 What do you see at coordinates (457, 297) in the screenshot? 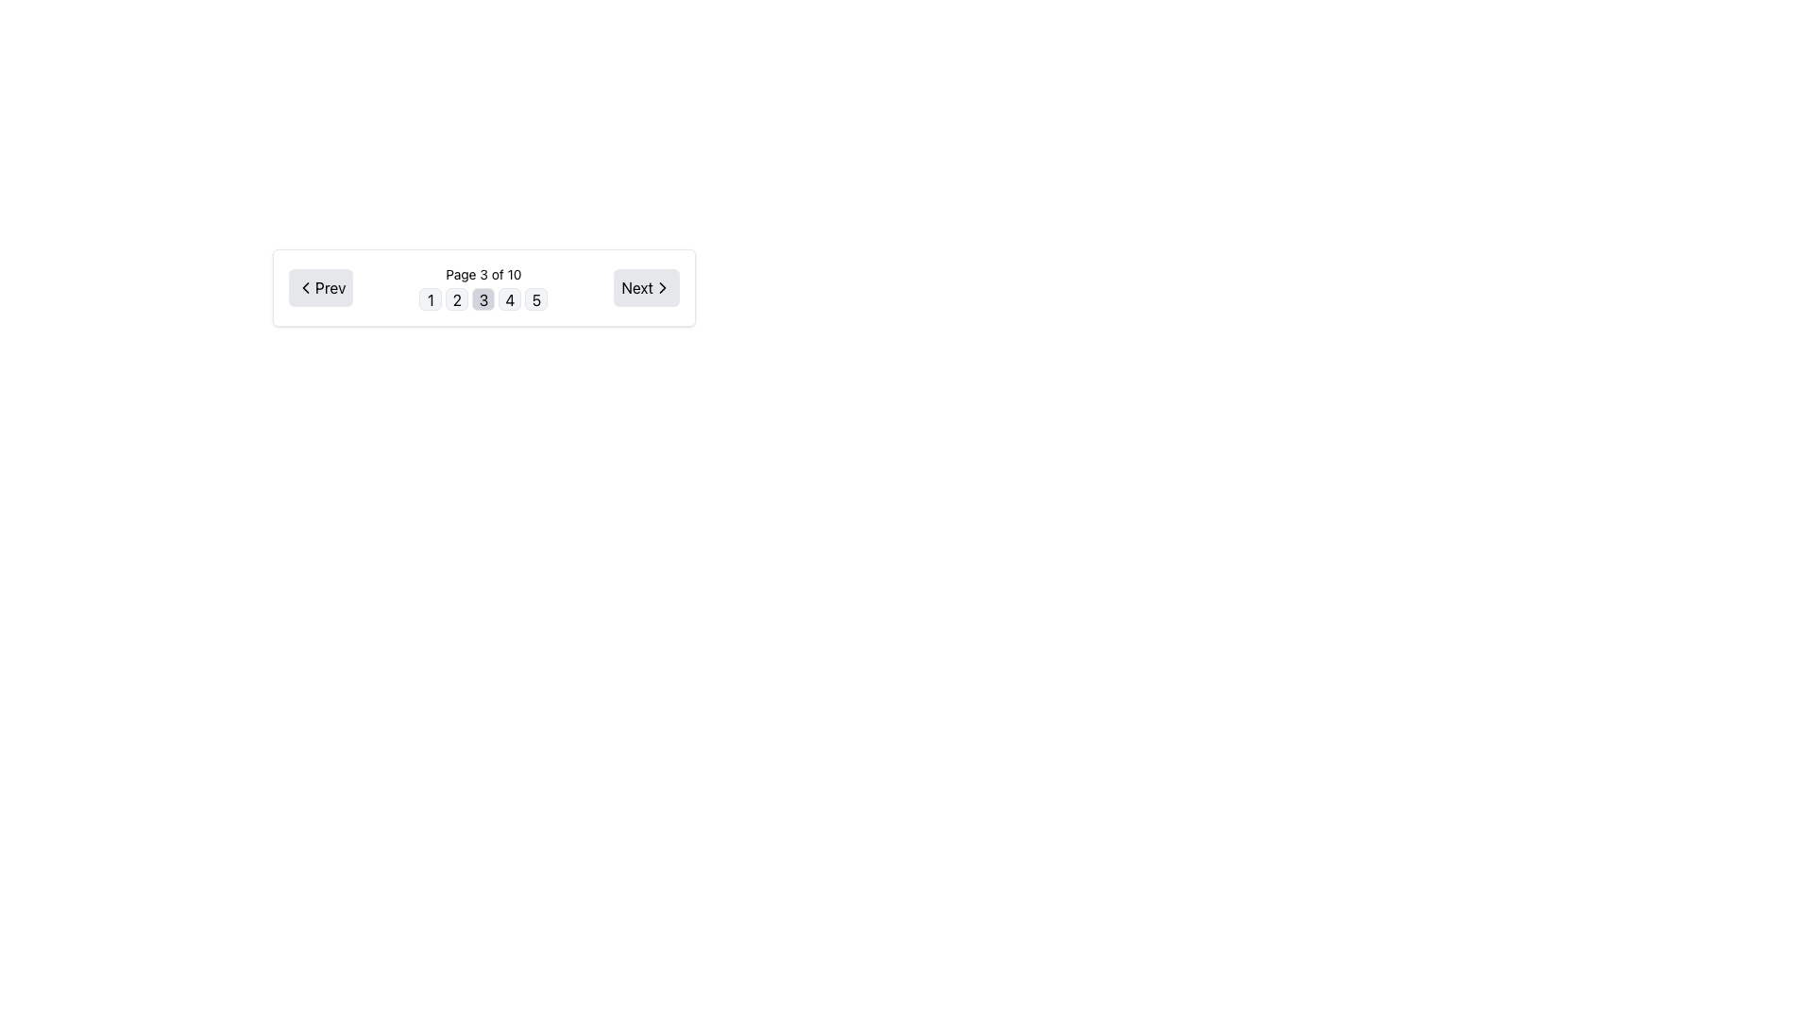
I see `the button labeled '2' which is a small rectangular box with a light gray background and black text` at bounding box center [457, 297].